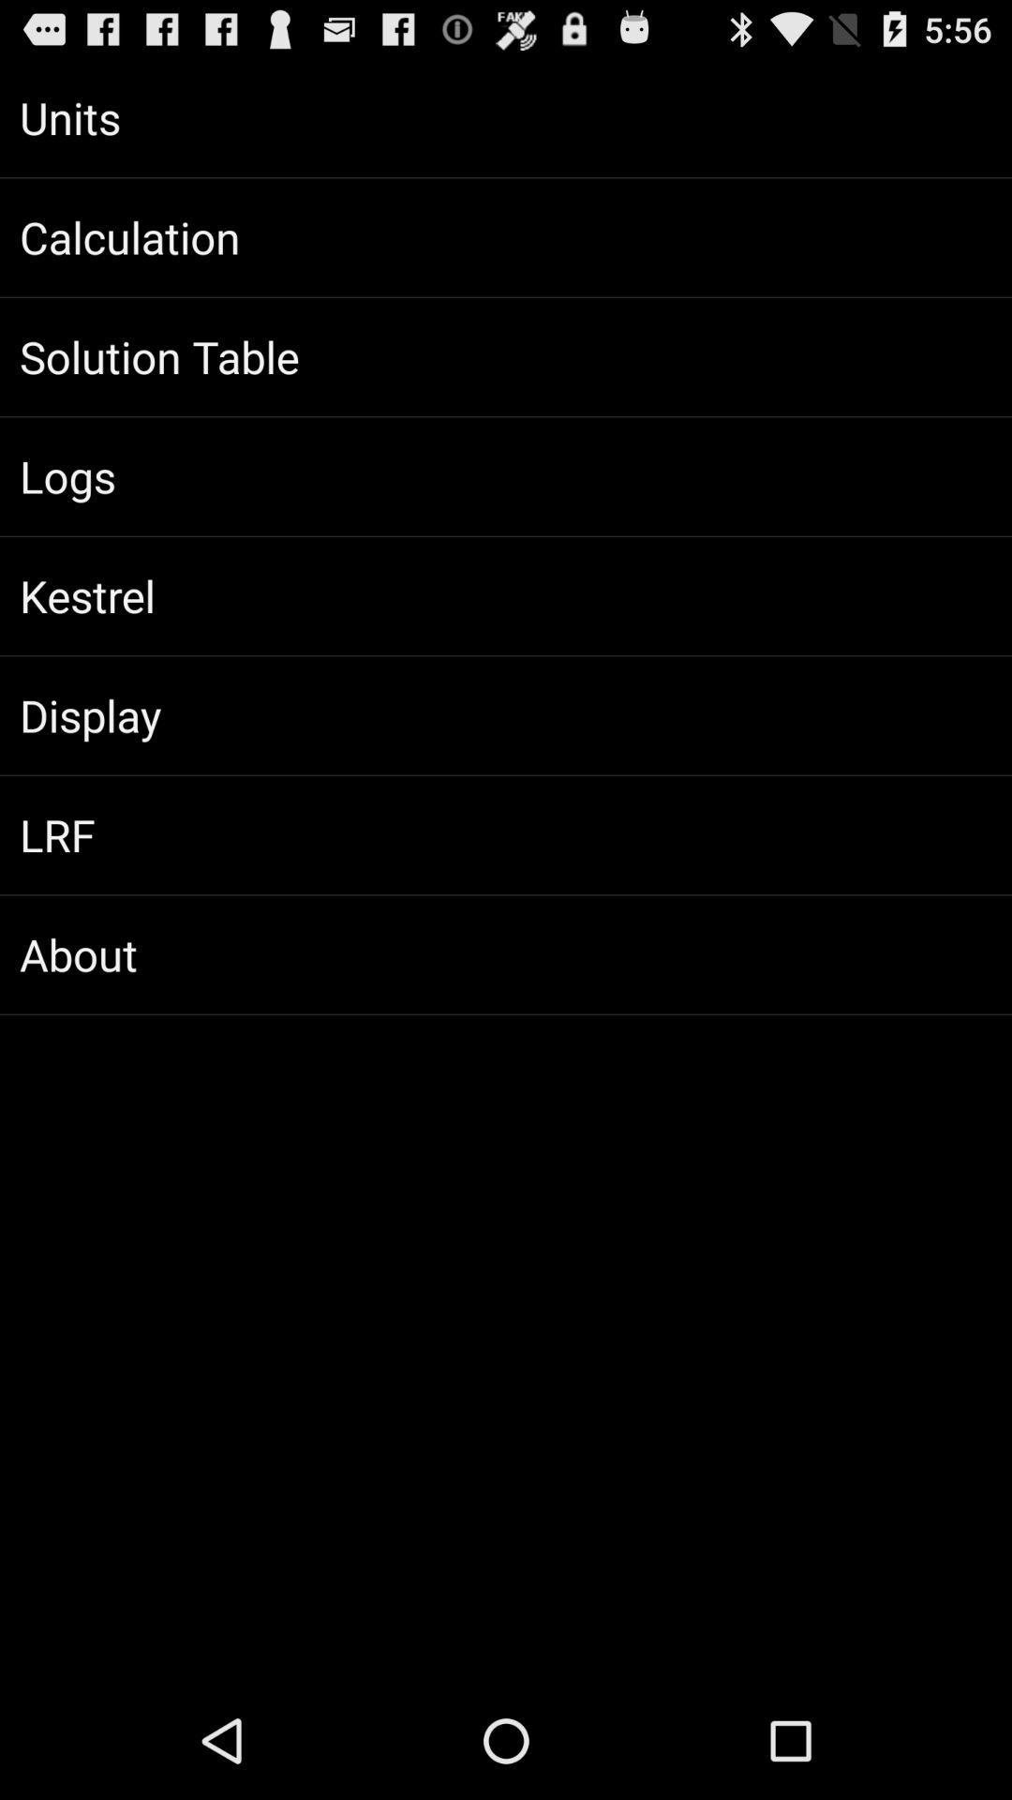 This screenshot has width=1012, height=1800. What do you see at coordinates (506, 714) in the screenshot?
I see `the display item` at bounding box center [506, 714].